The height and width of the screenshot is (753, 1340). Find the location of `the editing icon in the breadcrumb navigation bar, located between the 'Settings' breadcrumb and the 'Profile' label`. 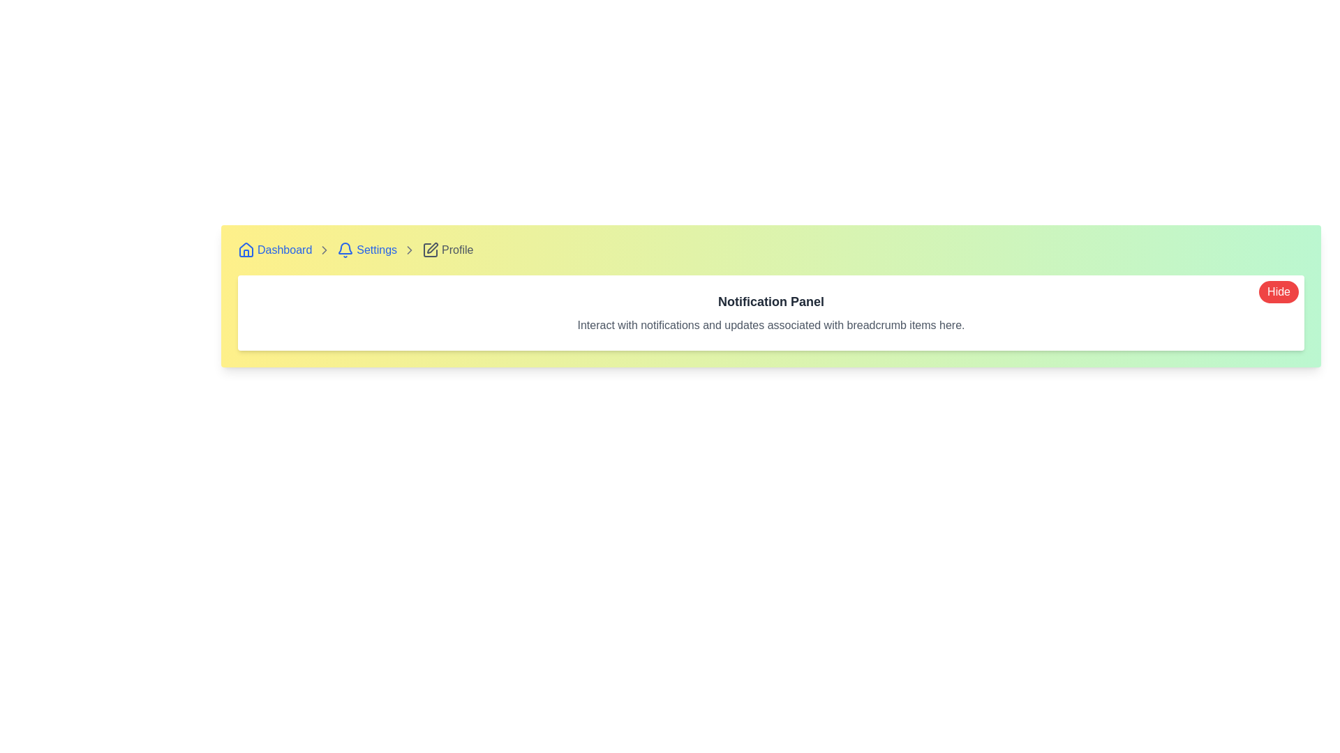

the editing icon in the breadcrumb navigation bar, located between the 'Settings' breadcrumb and the 'Profile' label is located at coordinates (430, 249).